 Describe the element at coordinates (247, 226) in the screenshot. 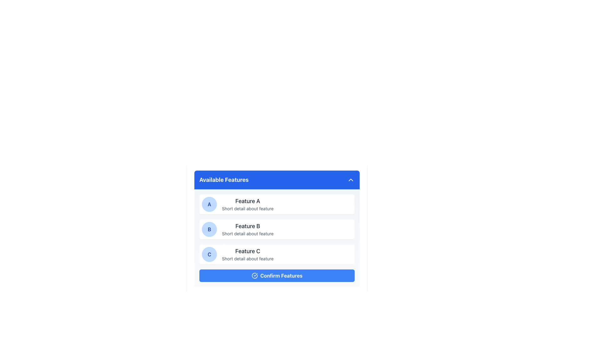

I see `text element displaying 'Feature B' in bold, dark gray font located in the second row of the 'Available Features' section` at that location.